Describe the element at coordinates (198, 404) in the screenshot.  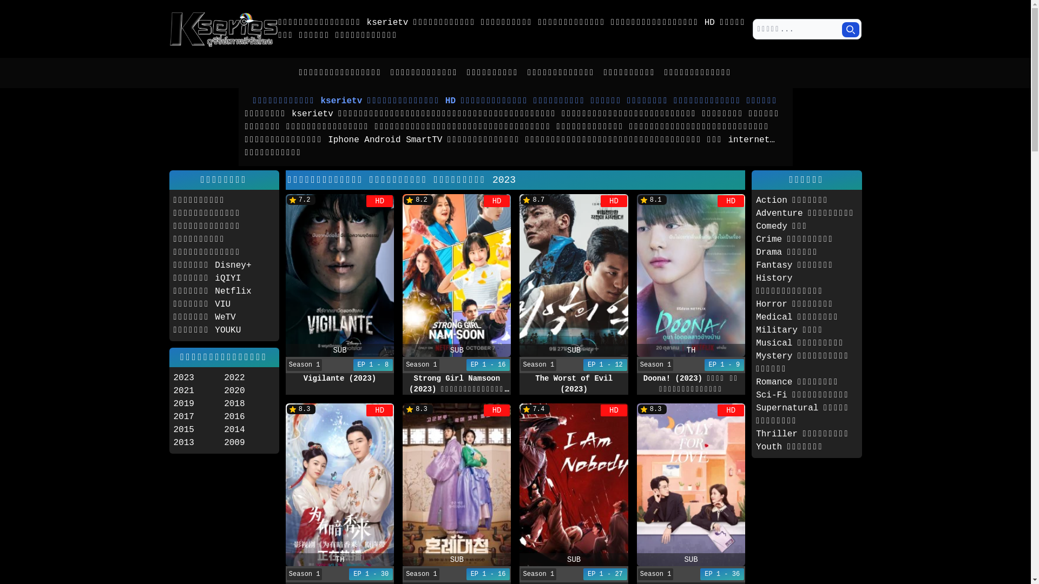
I see `'2019'` at that location.